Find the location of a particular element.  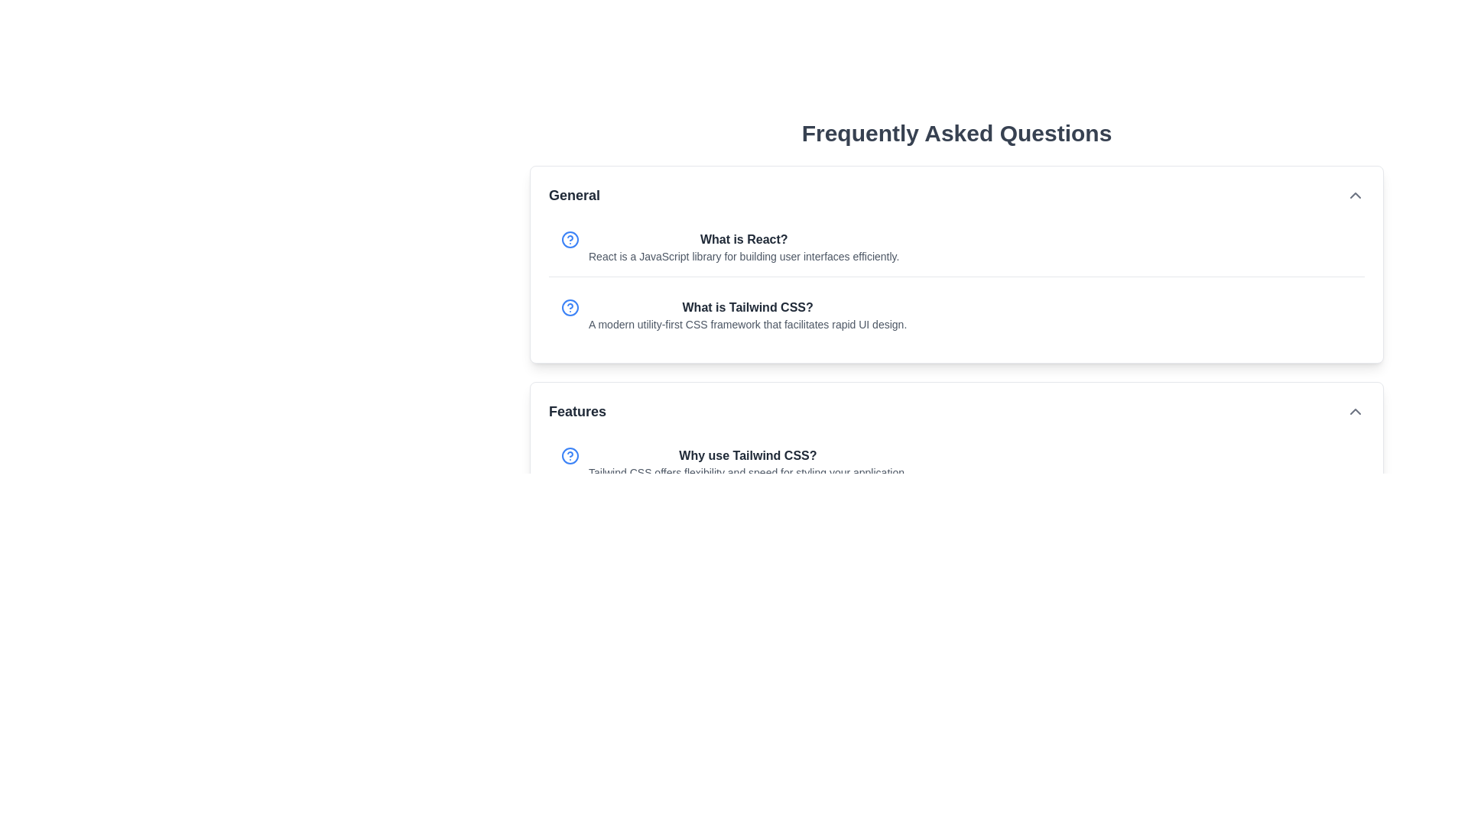

the Text Content Block that provides an answer to the FAQ 'What is Tailwind CSS?' located under the 'General' section, directly below the question 'What is React?' is located at coordinates (748, 314).